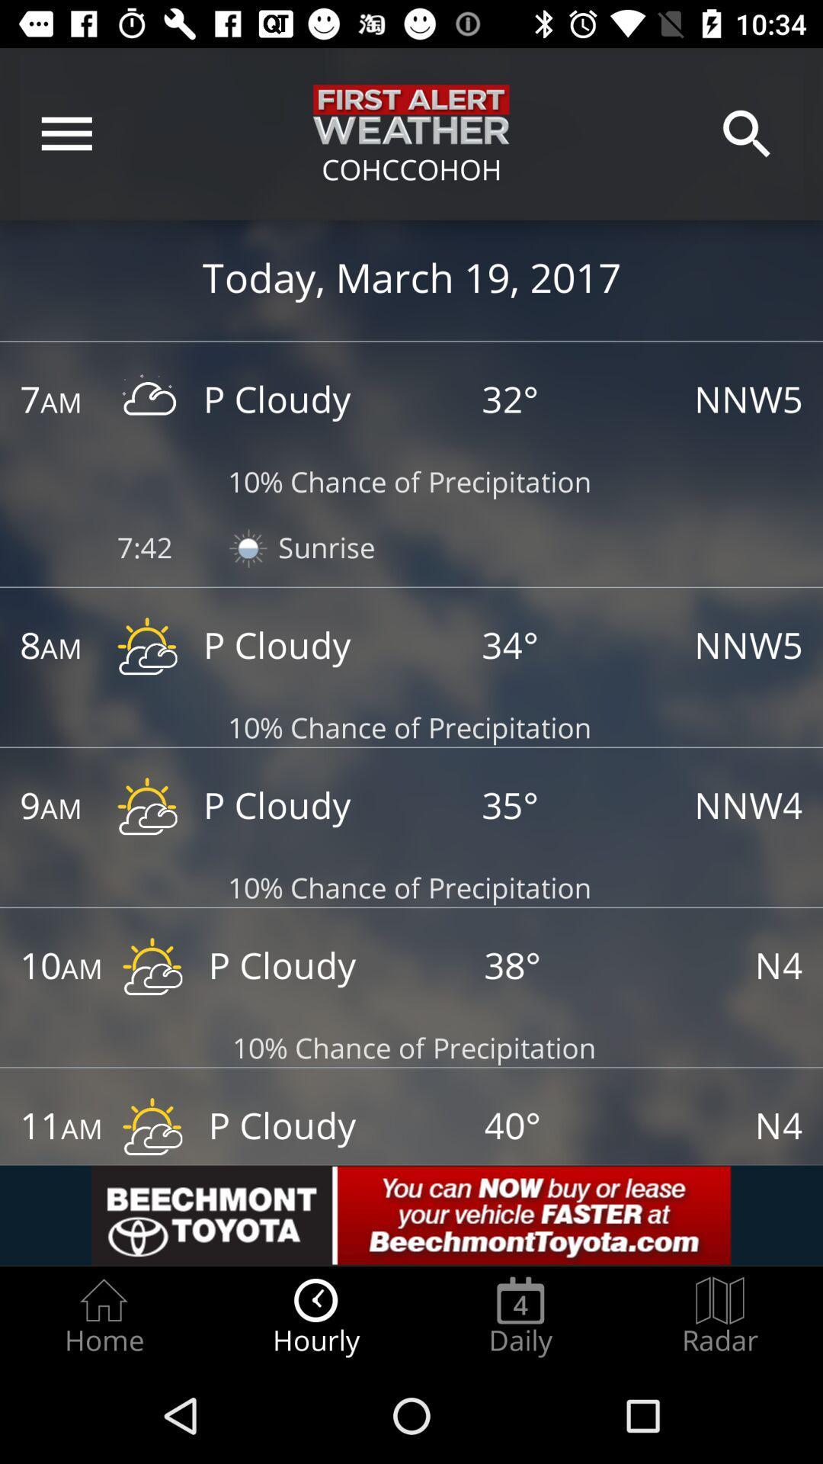 The width and height of the screenshot is (823, 1464). Describe the element at coordinates (44, 1128) in the screenshot. I see `expand time` at that location.